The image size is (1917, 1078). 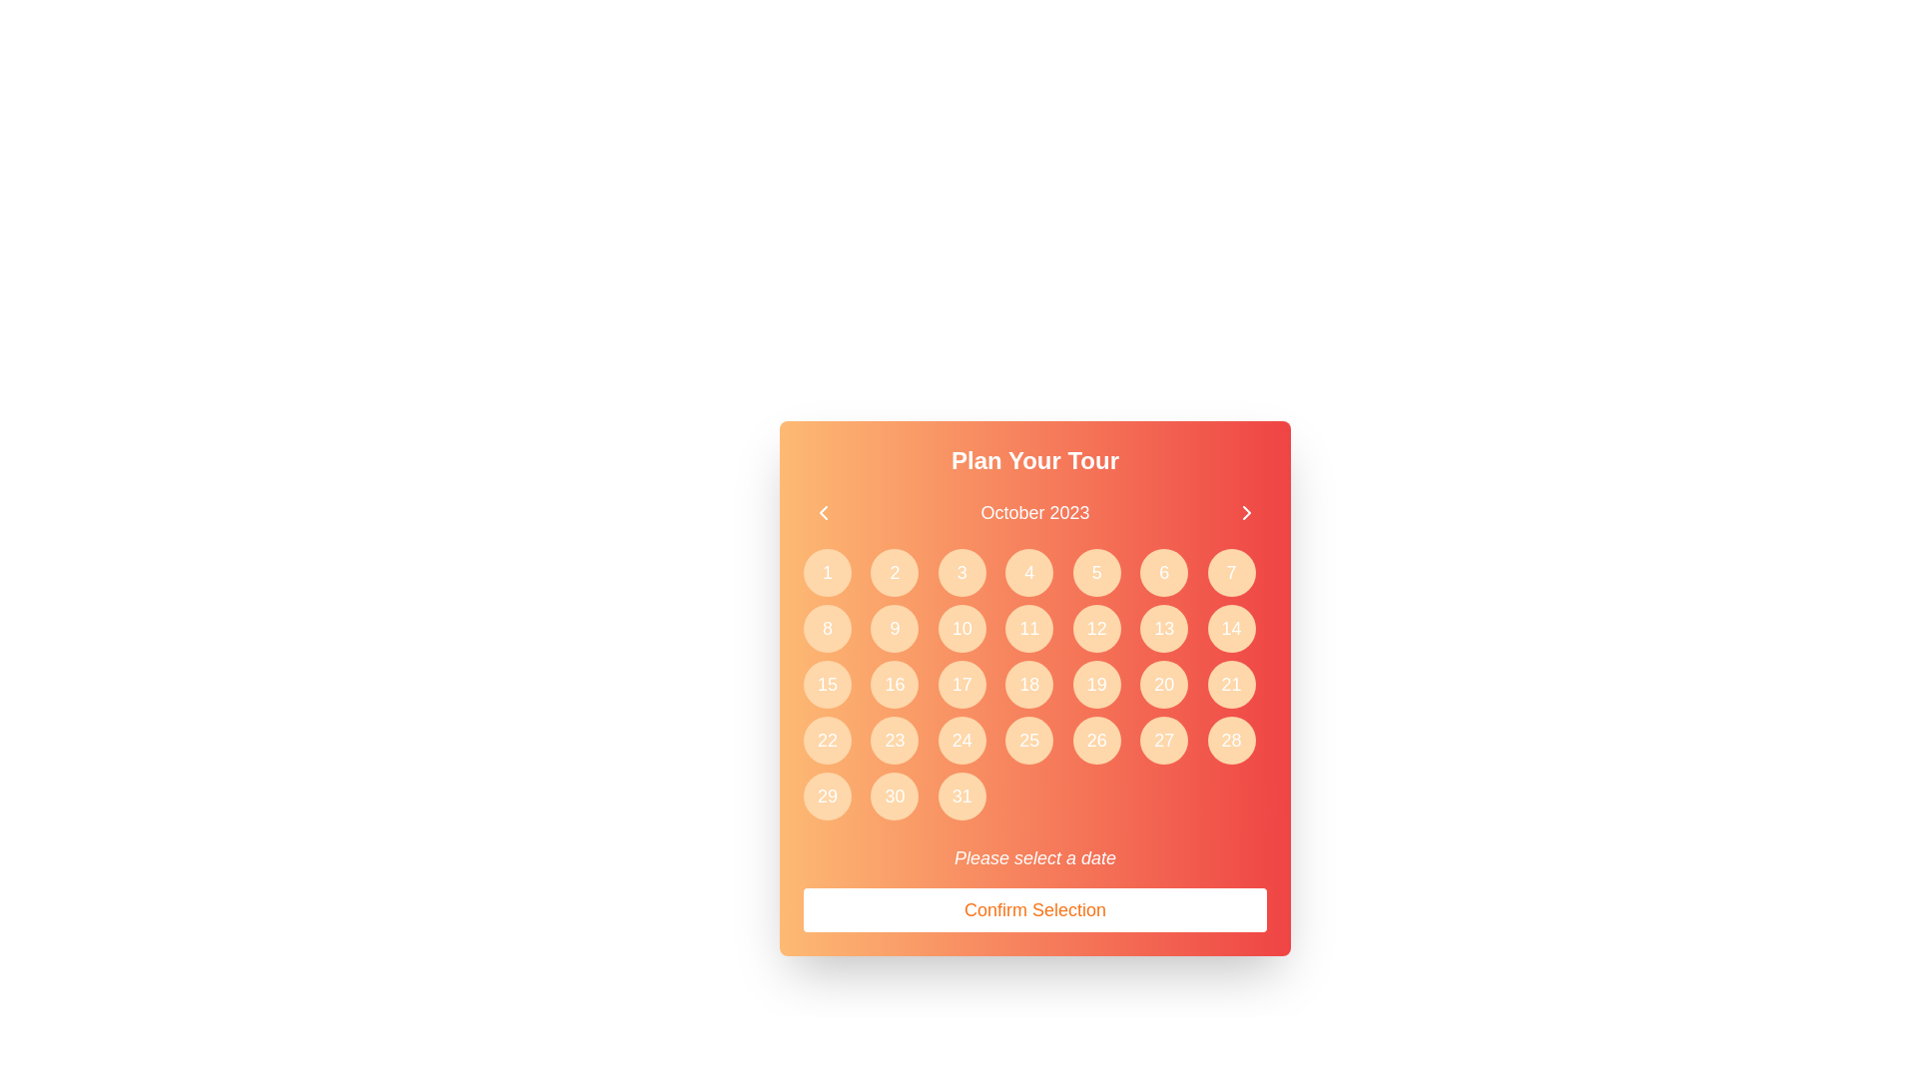 I want to click on the circular button with an orange background and white text displaying the number '25', so click(x=1029, y=740).